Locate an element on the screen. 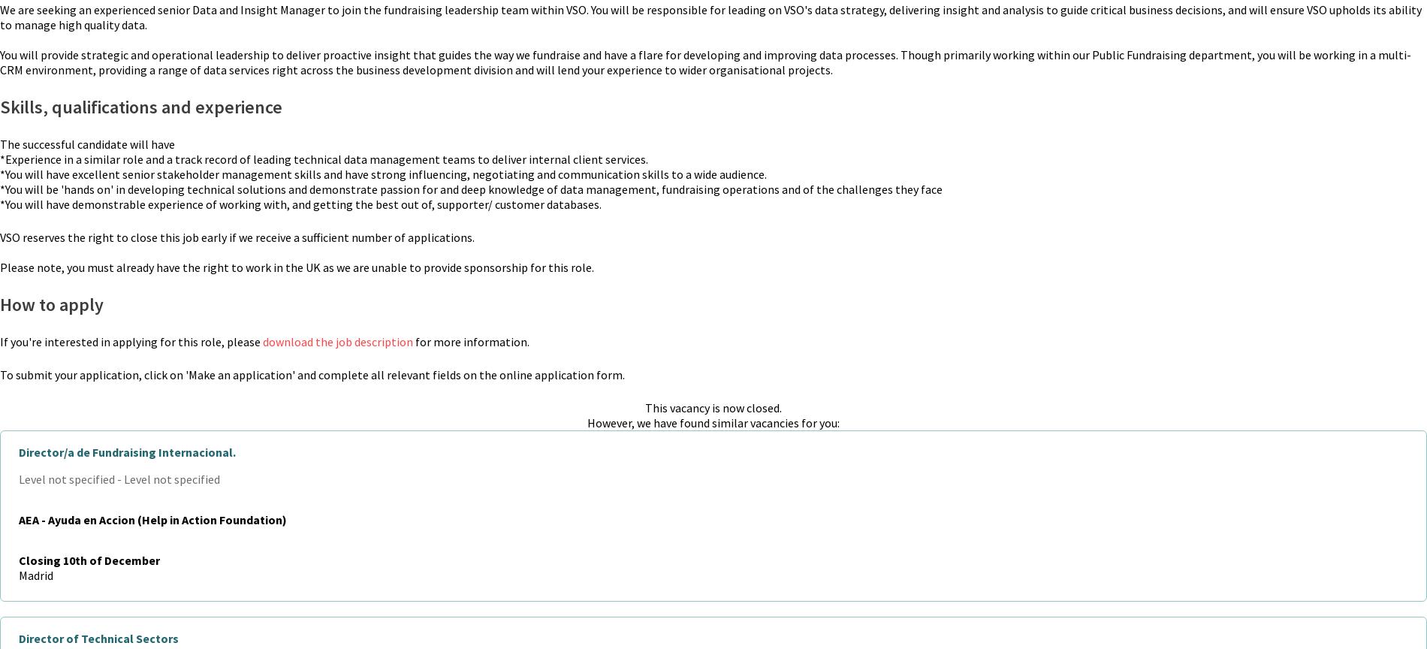 The image size is (1427, 649). 'Our Partners' is located at coordinates (756, 427).